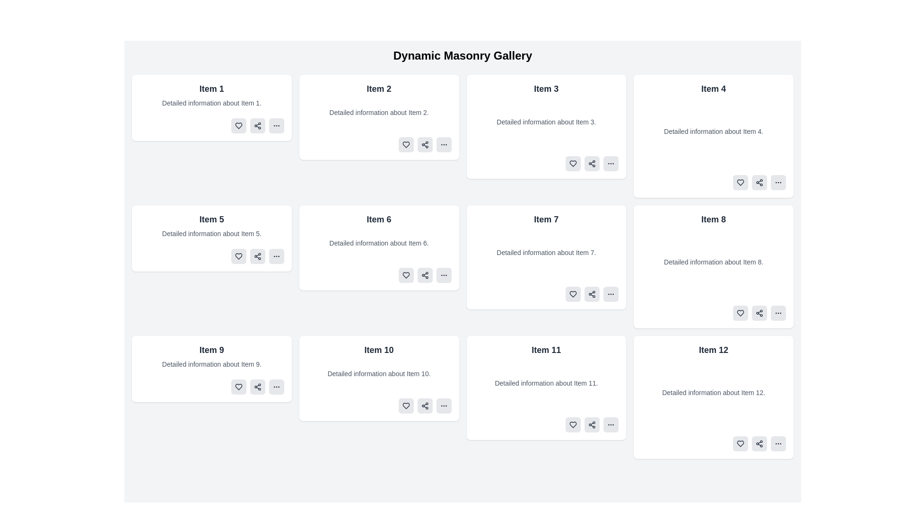  What do you see at coordinates (406, 144) in the screenshot?
I see `the 'like' button located in the bottom-right corner of the card labeled 'Item 2' in the 'Dynamic Masonry Gallery'` at bounding box center [406, 144].